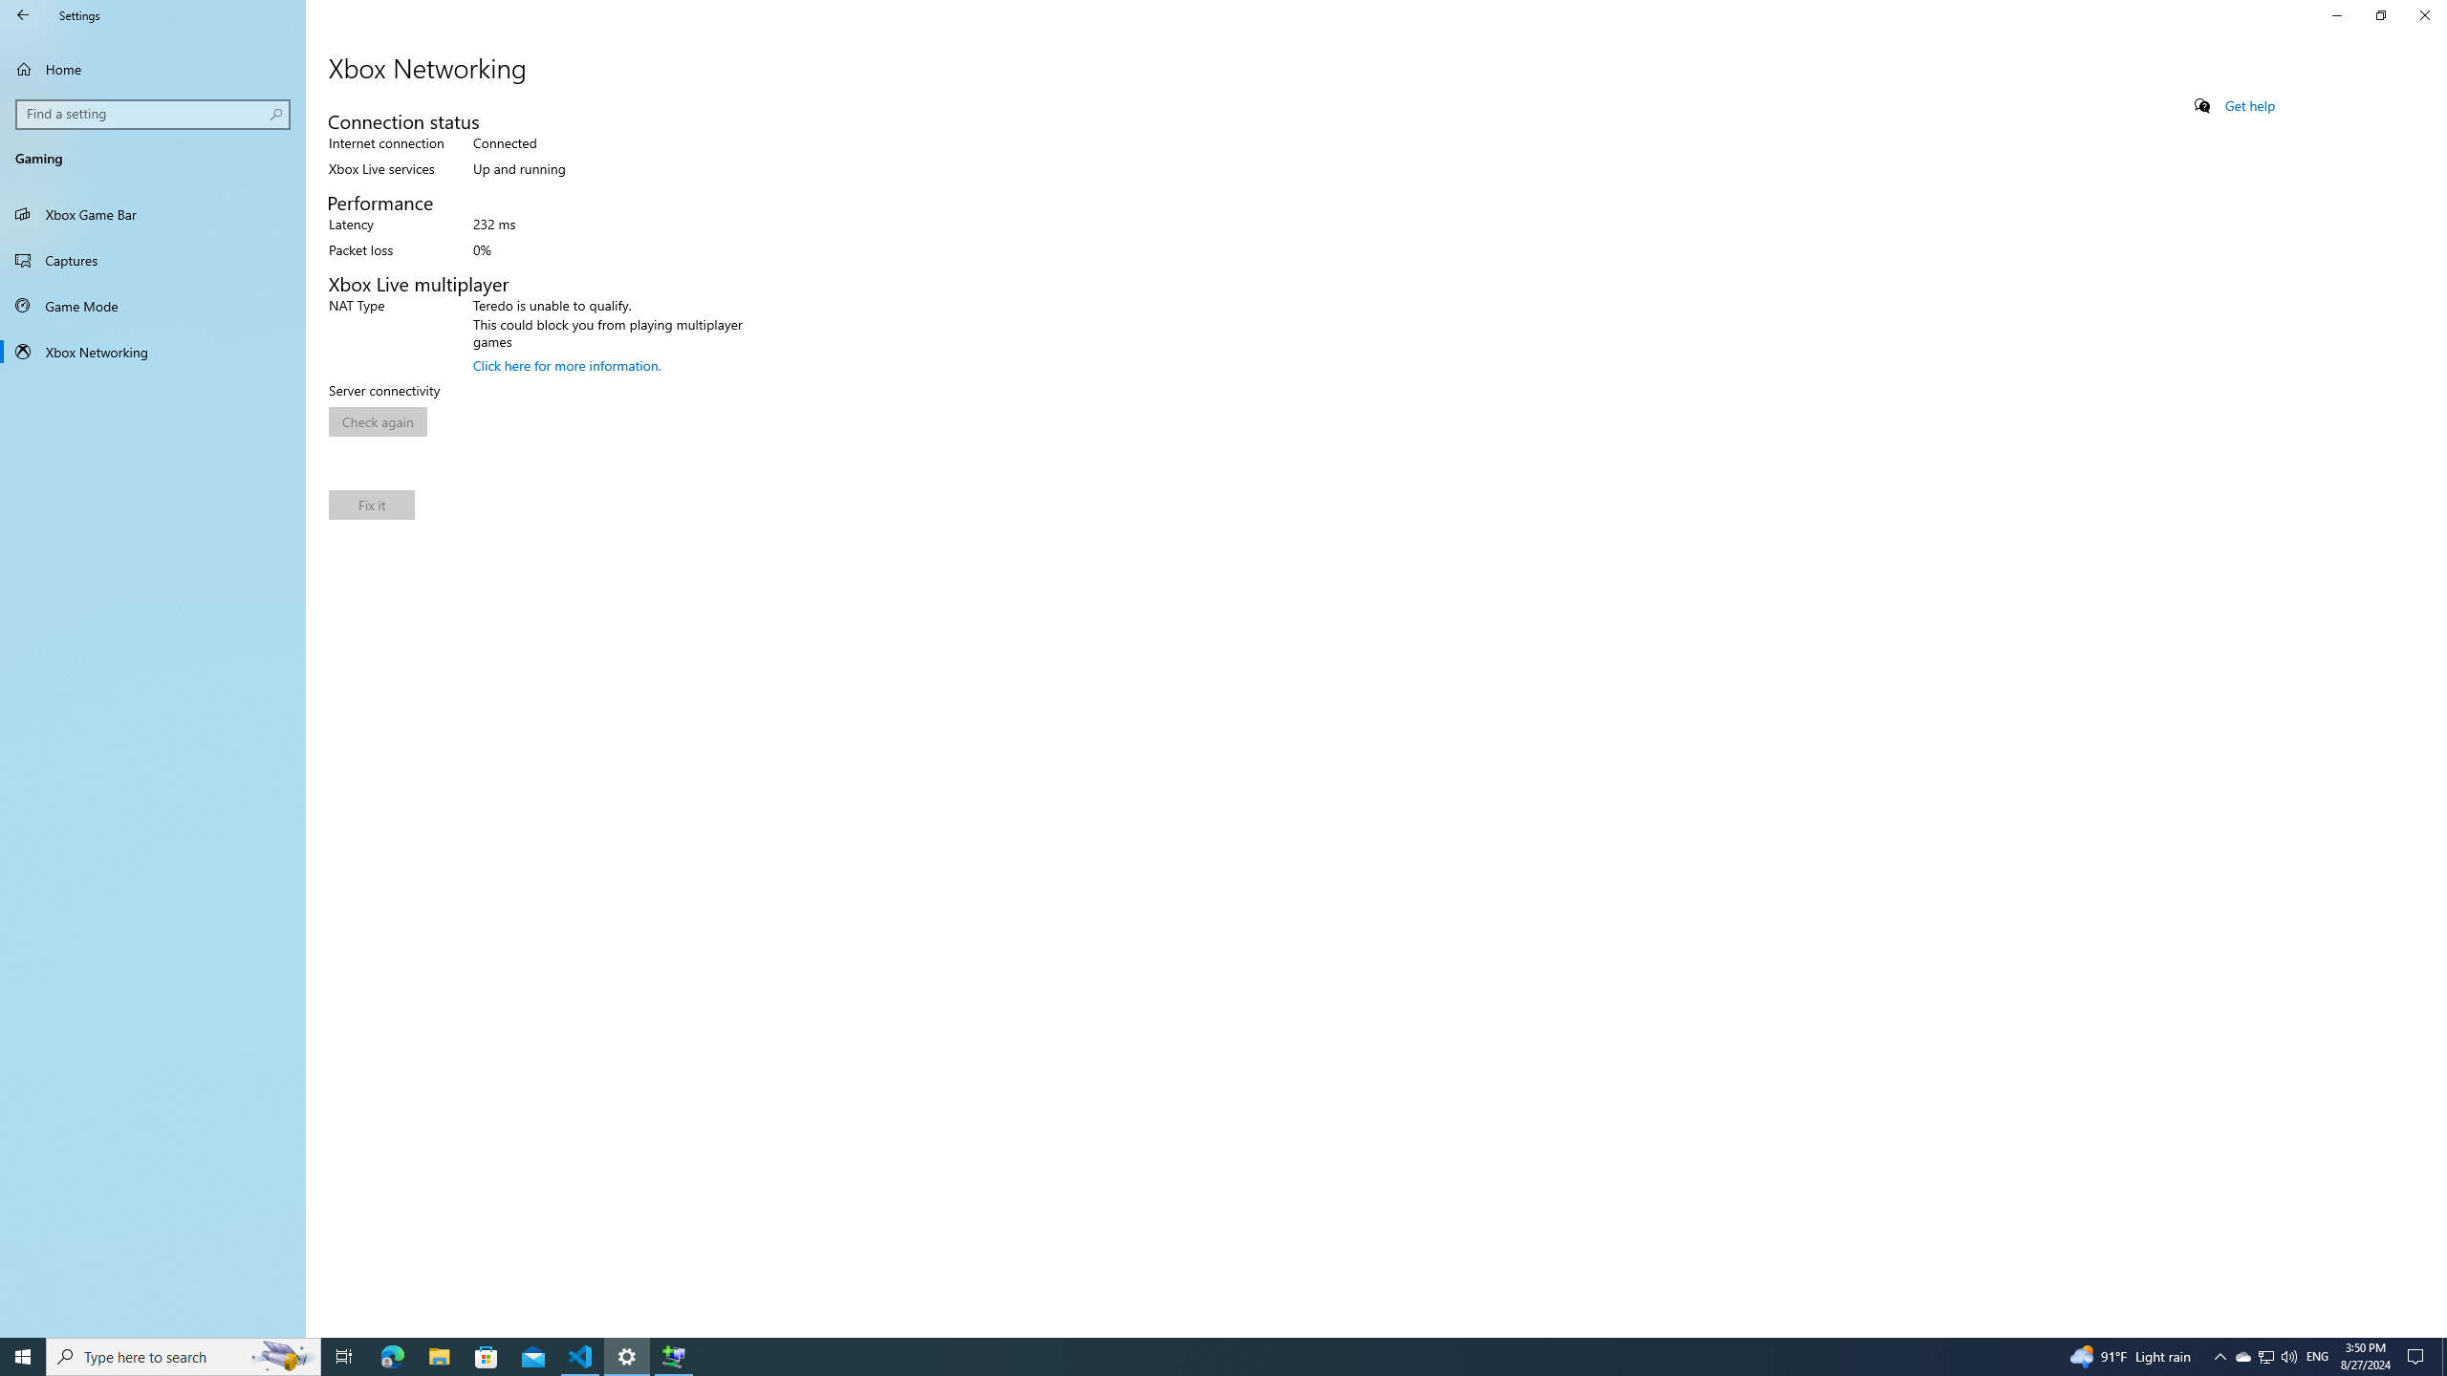 The image size is (2447, 1376). Describe the element at coordinates (152, 305) in the screenshot. I see `'Game Mode'` at that location.